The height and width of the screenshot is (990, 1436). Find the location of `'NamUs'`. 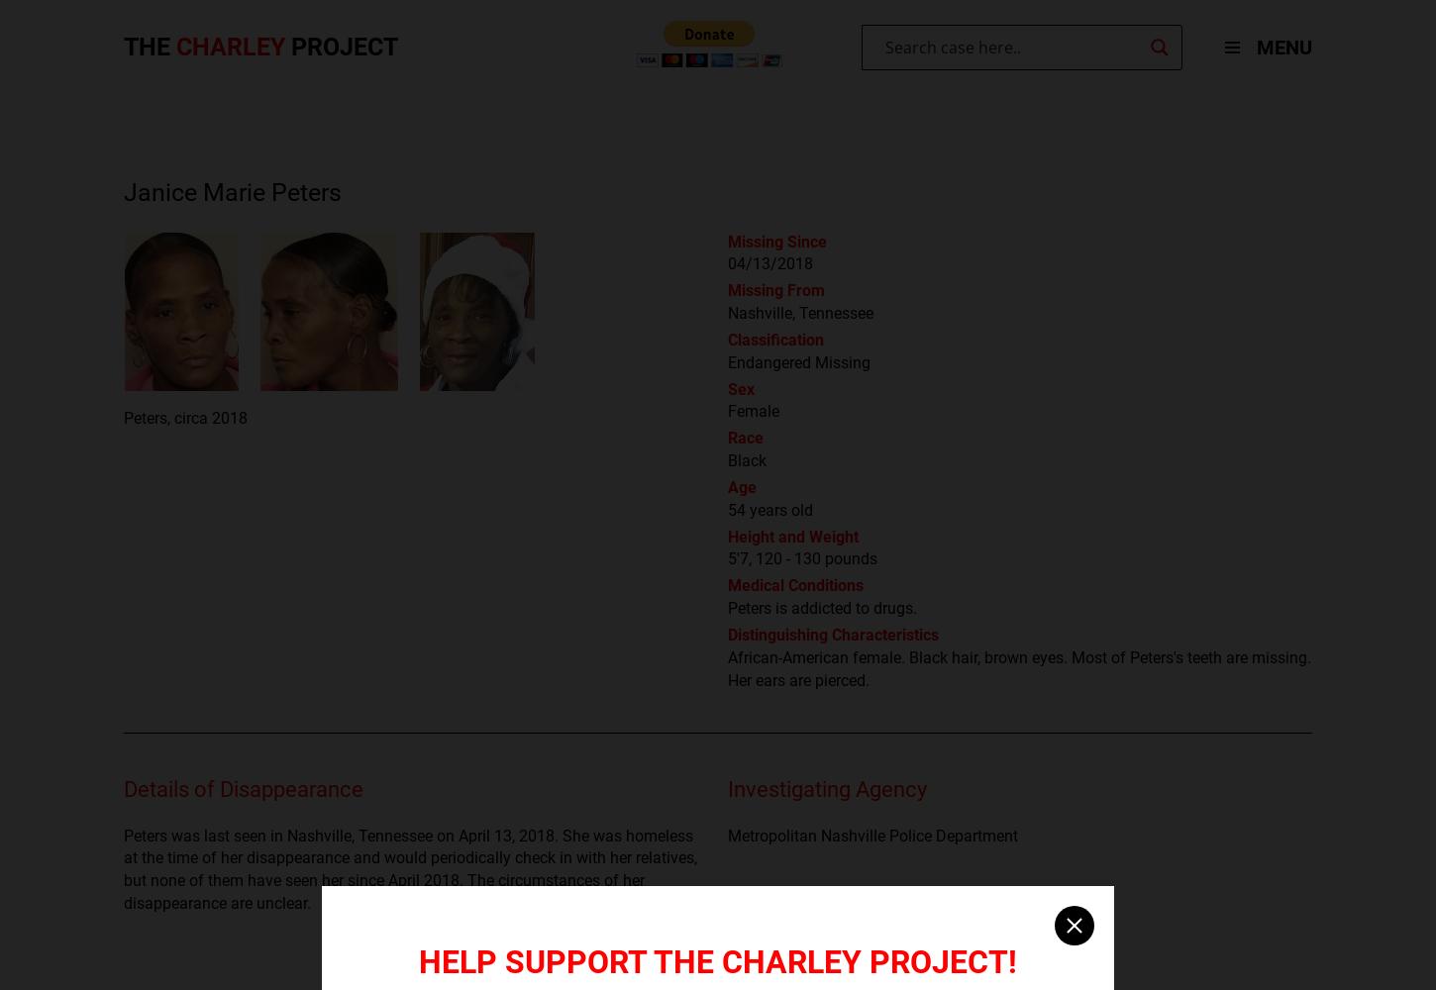

'NamUs' is located at coordinates (753, 948).